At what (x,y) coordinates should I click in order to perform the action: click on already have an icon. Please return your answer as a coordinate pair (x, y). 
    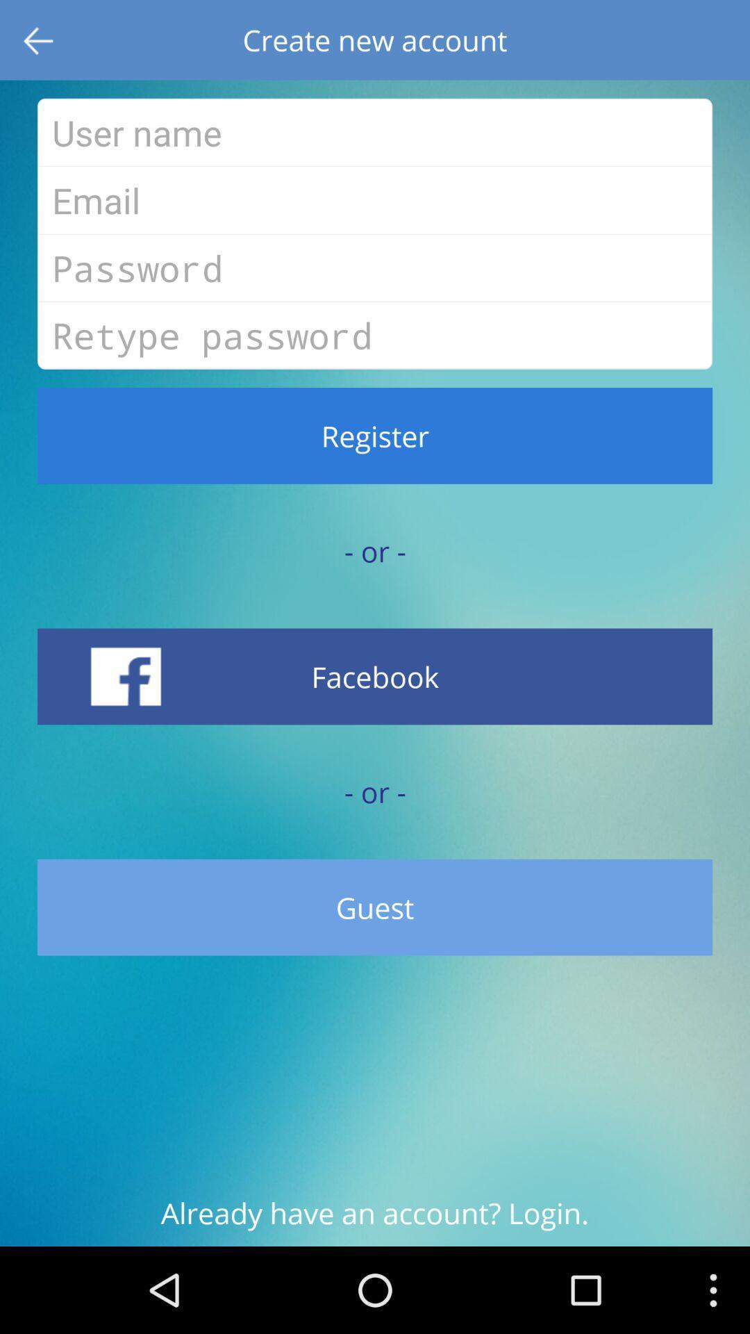
    Looking at the image, I should click on (375, 1219).